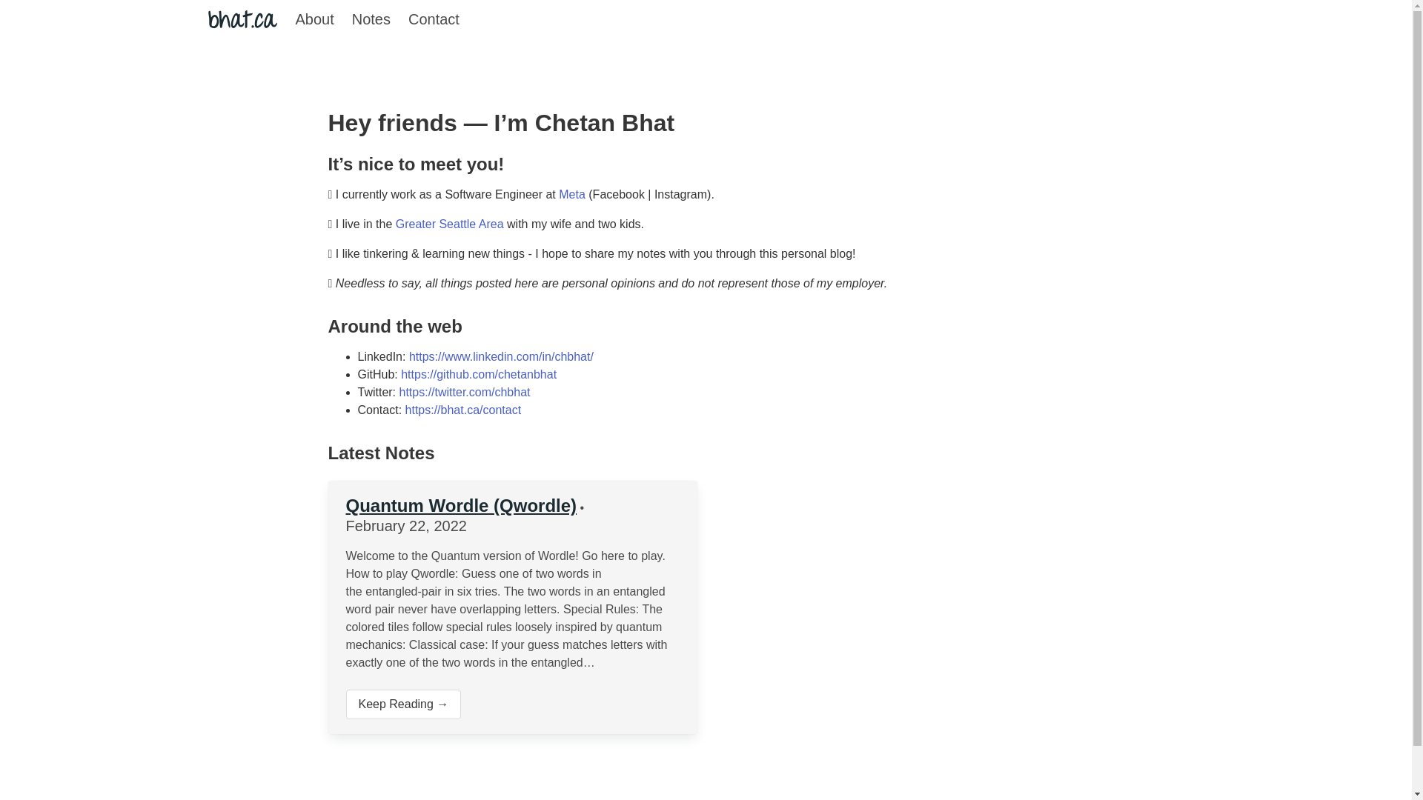  What do you see at coordinates (501, 356) in the screenshot?
I see `'https://www.linkedin.com/in/chbhat/'` at bounding box center [501, 356].